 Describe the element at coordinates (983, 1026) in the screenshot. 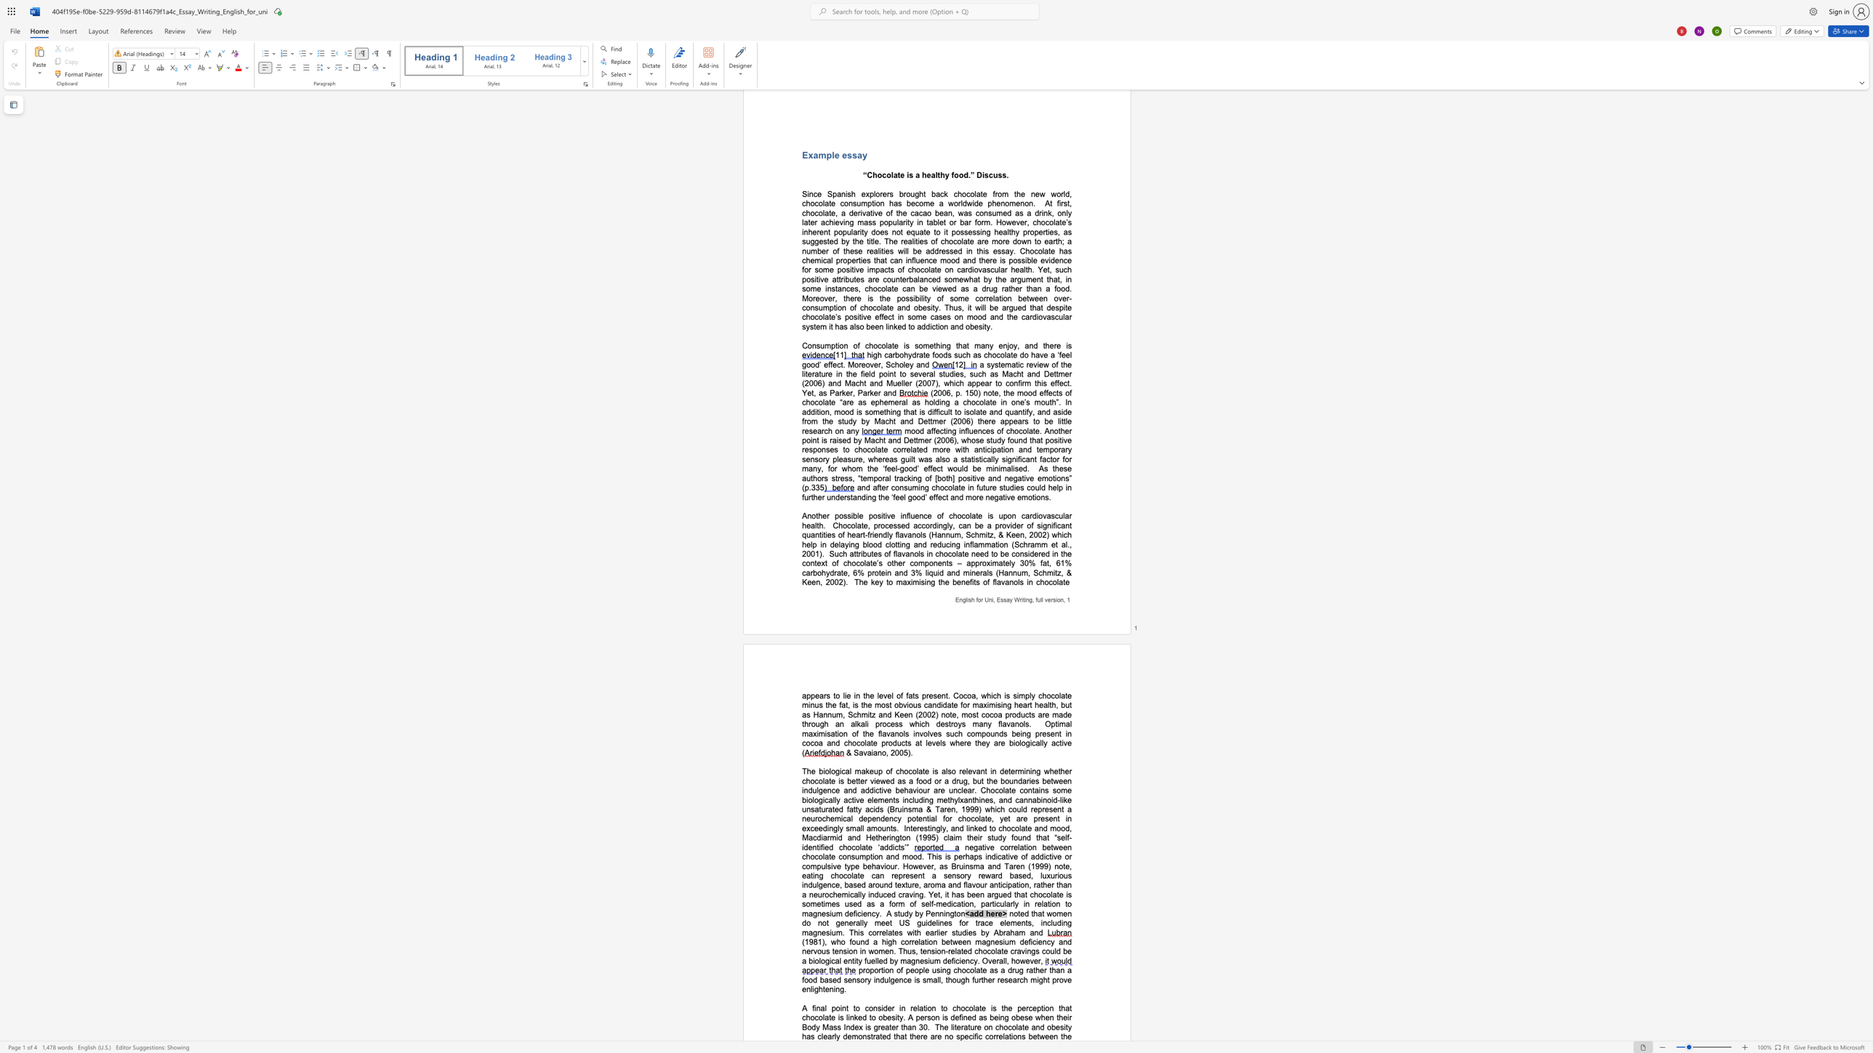

I see `the subset text "on chocolate and obes" within the text "The literature on chocolate and obesity has clearly"` at that location.